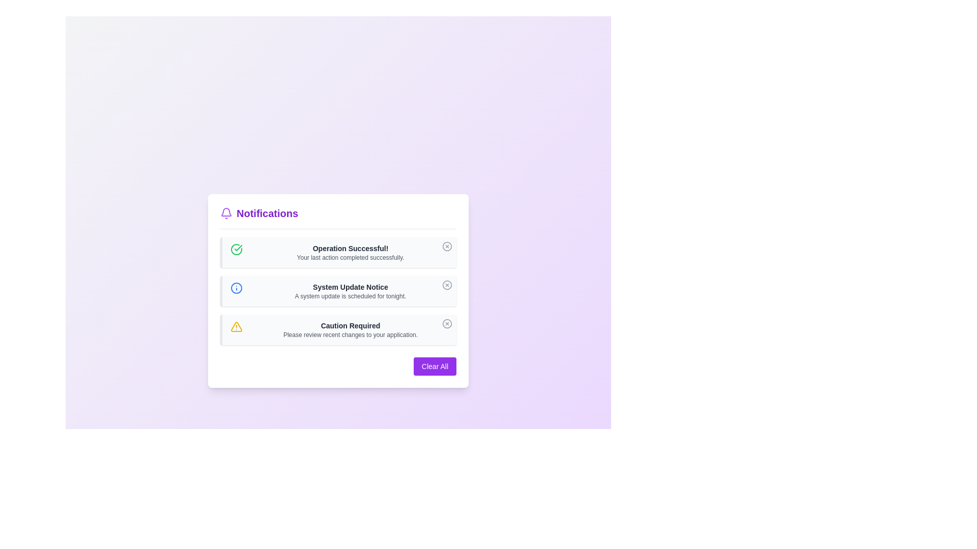 This screenshot has width=977, height=549. Describe the element at coordinates (236, 249) in the screenshot. I see `the green circular icon with a checkmark inside it, located in the top-left corner of the notification panel indicating a successful operation` at that location.